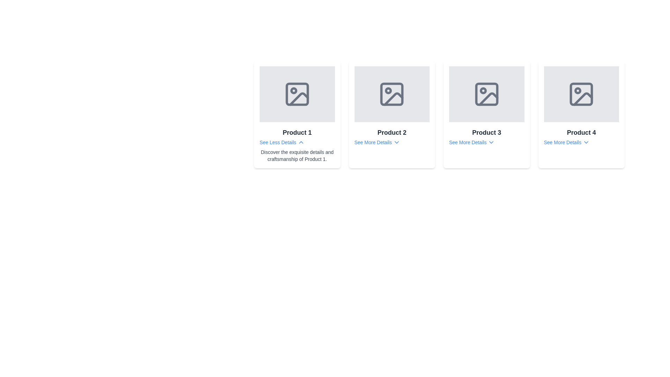  What do you see at coordinates (282, 142) in the screenshot?
I see `the toggle button styled as a link with an icon` at bounding box center [282, 142].